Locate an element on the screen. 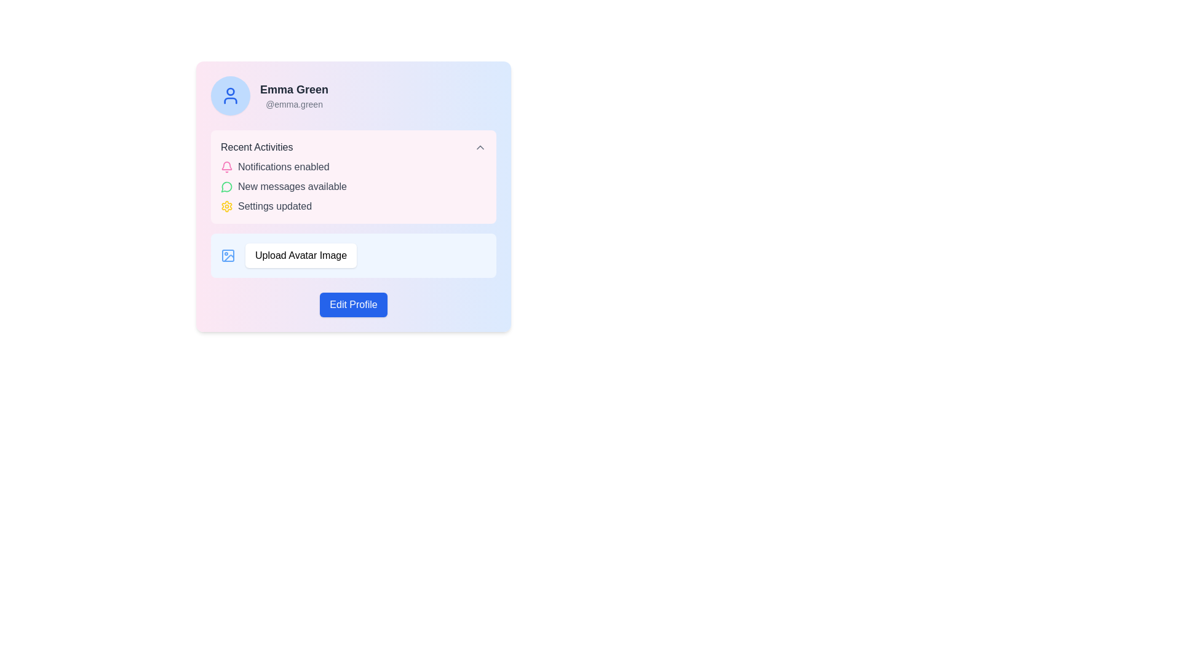  the Decorative SVG rectangle within the 'Upload Avatar Image' icon, which is positioned above and slightly to the left of other components in the SVG is located at coordinates (228, 255).